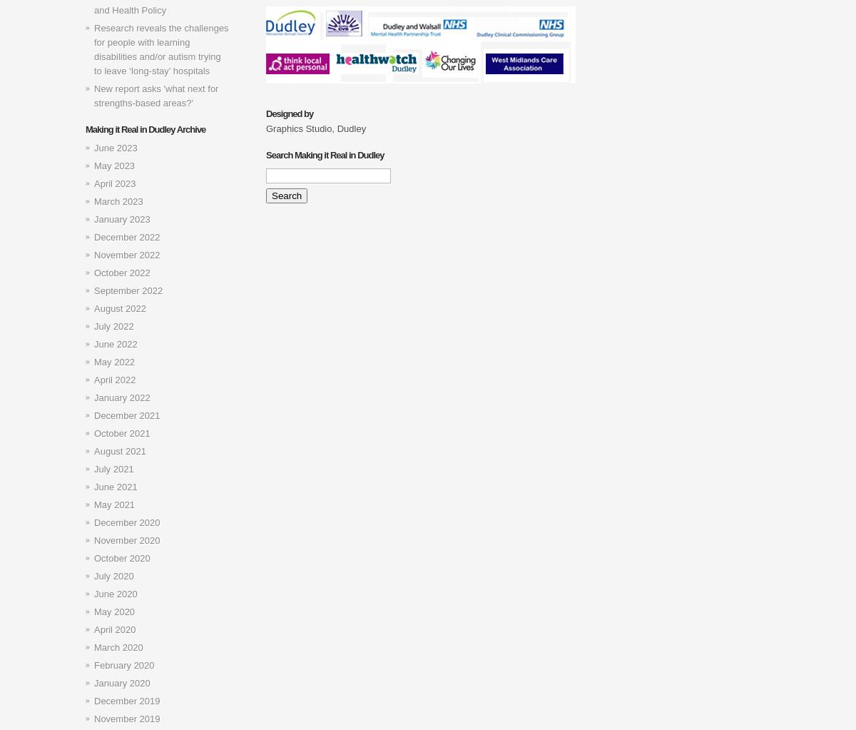  What do you see at coordinates (114, 379) in the screenshot?
I see `'April 2022'` at bounding box center [114, 379].